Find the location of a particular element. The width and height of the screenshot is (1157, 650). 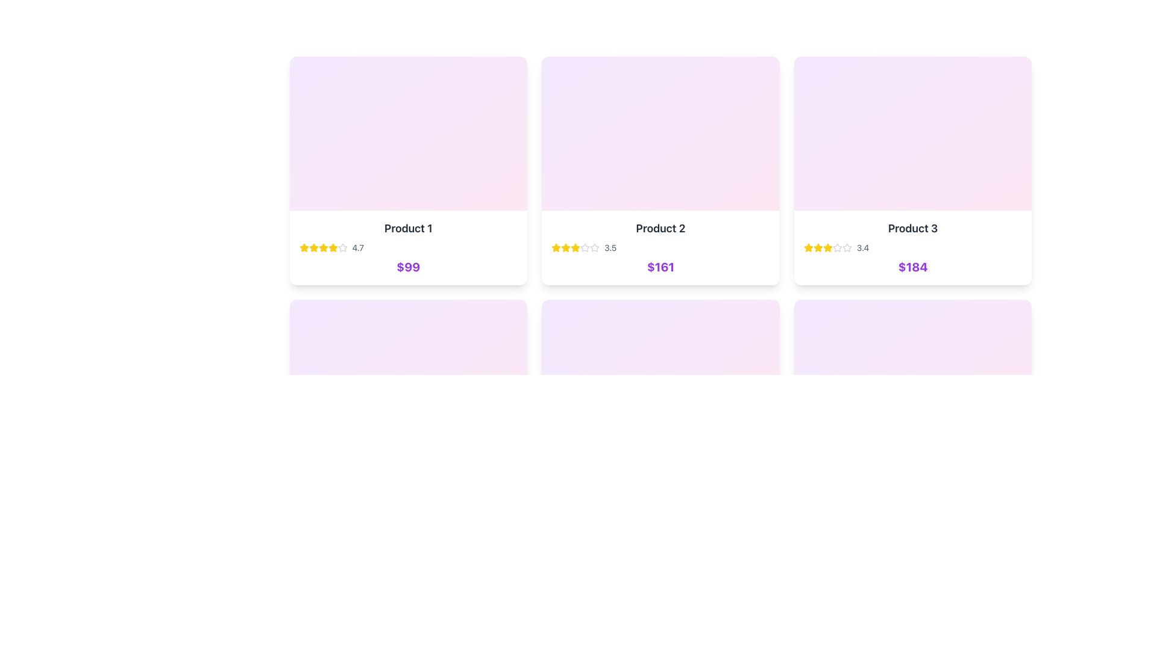

the static text displaying the rating '4.7', which is styled in gray and located next to yellow star icons in the first product card is located at coordinates (357, 247).